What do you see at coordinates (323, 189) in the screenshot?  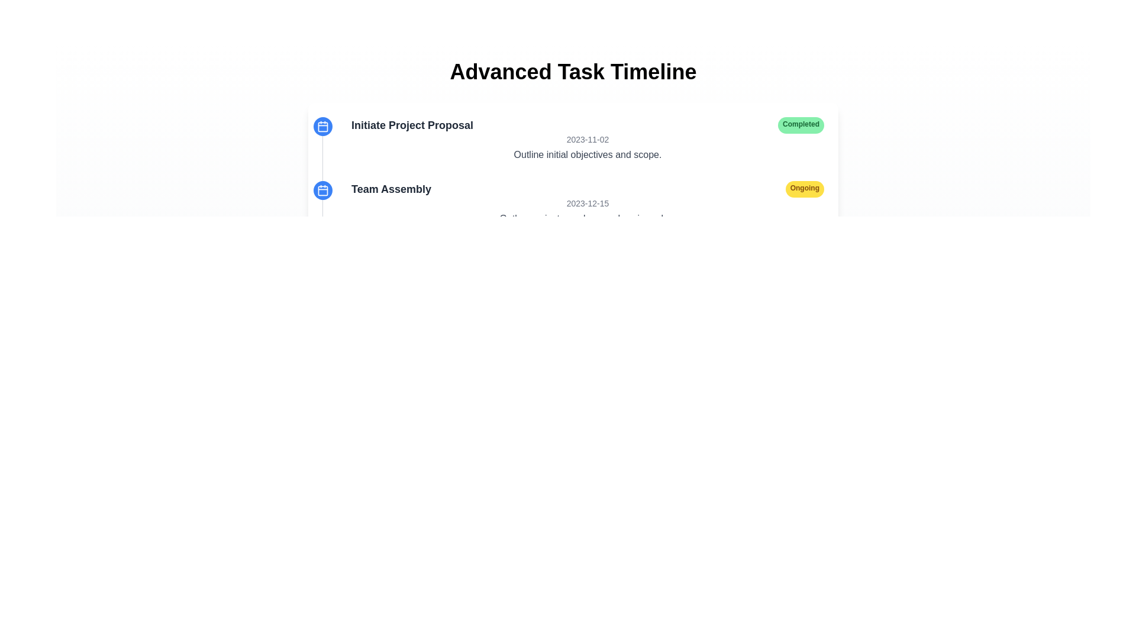 I see `the blue calendar icon inside the circular button located to the left of the 'Team Assembly' text` at bounding box center [323, 189].